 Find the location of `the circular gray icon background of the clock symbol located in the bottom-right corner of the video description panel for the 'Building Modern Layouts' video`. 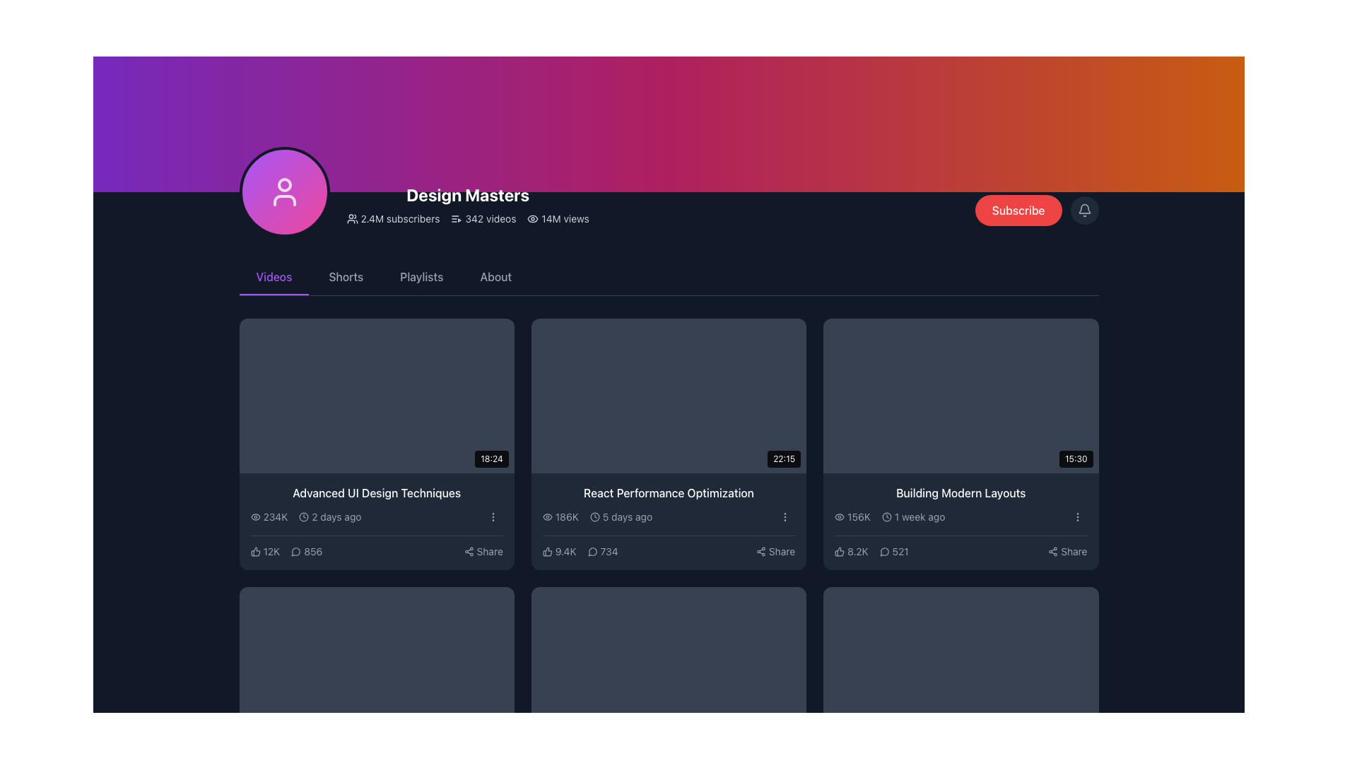

the circular gray icon background of the clock symbol located in the bottom-right corner of the video description panel for the 'Building Modern Layouts' video is located at coordinates (886, 517).